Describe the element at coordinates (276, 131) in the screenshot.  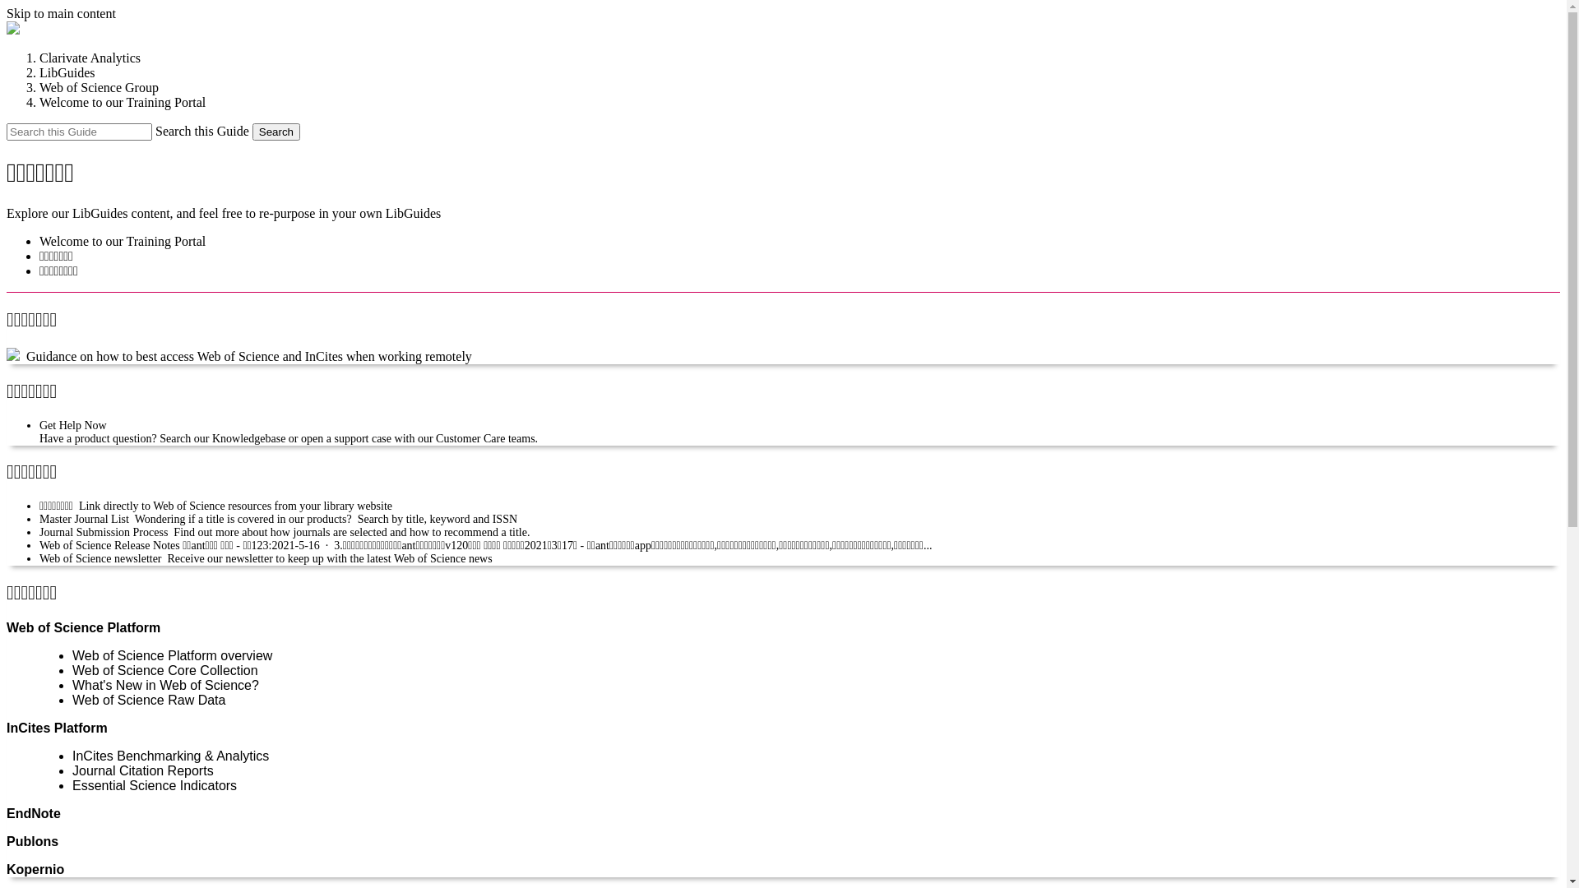
I see `'Search'` at that location.